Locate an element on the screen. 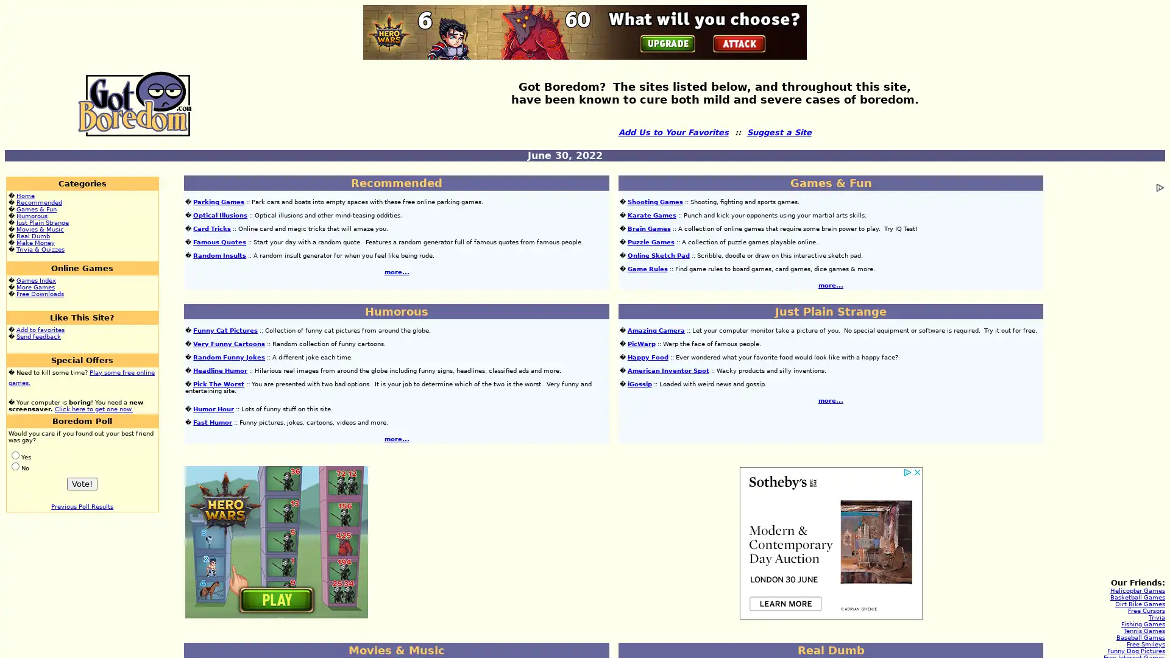 The width and height of the screenshot is (1170, 658). Vote! is located at coordinates (81, 483).